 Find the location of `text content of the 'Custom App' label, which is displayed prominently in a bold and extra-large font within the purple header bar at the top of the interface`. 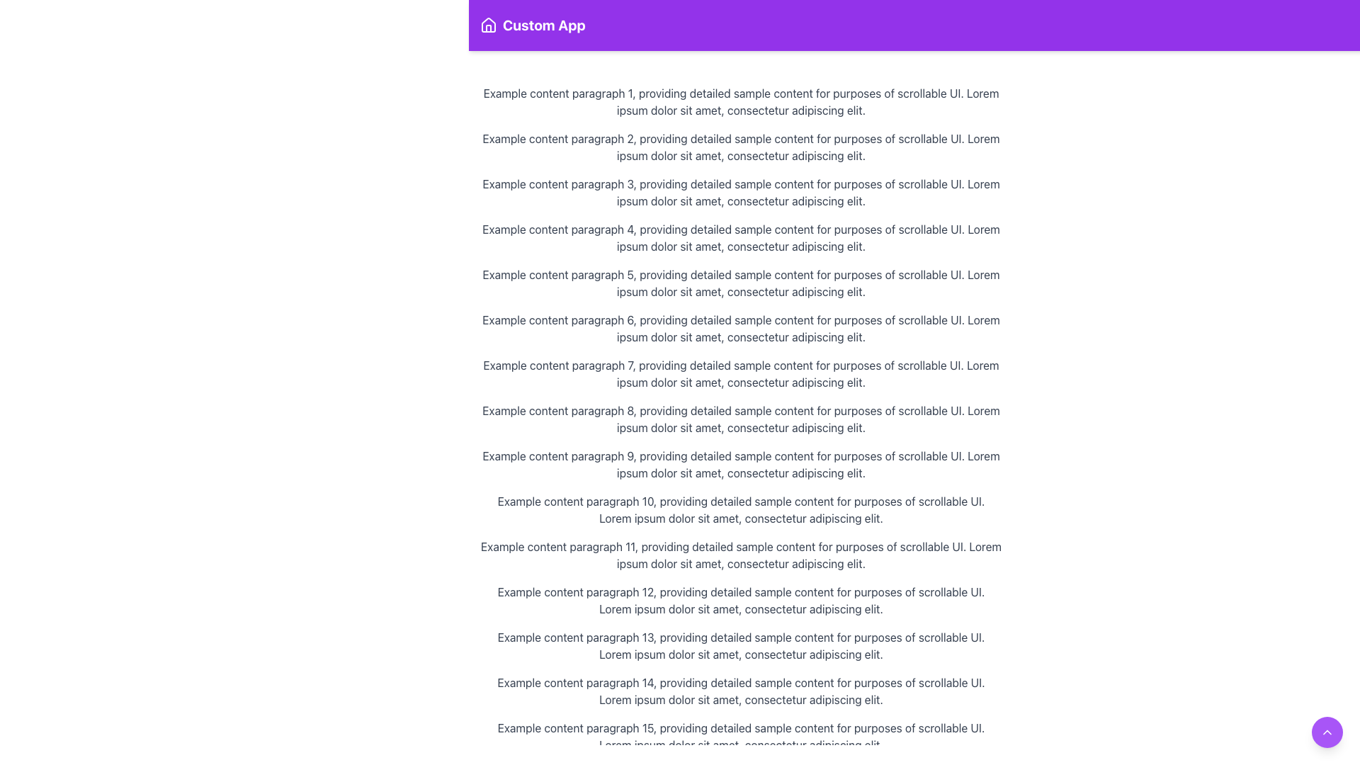

text content of the 'Custom App' label, which is displayed prominently in a bold and extra-large font within the purple header bar at the top of the interface is located at coordinates (543, 25).